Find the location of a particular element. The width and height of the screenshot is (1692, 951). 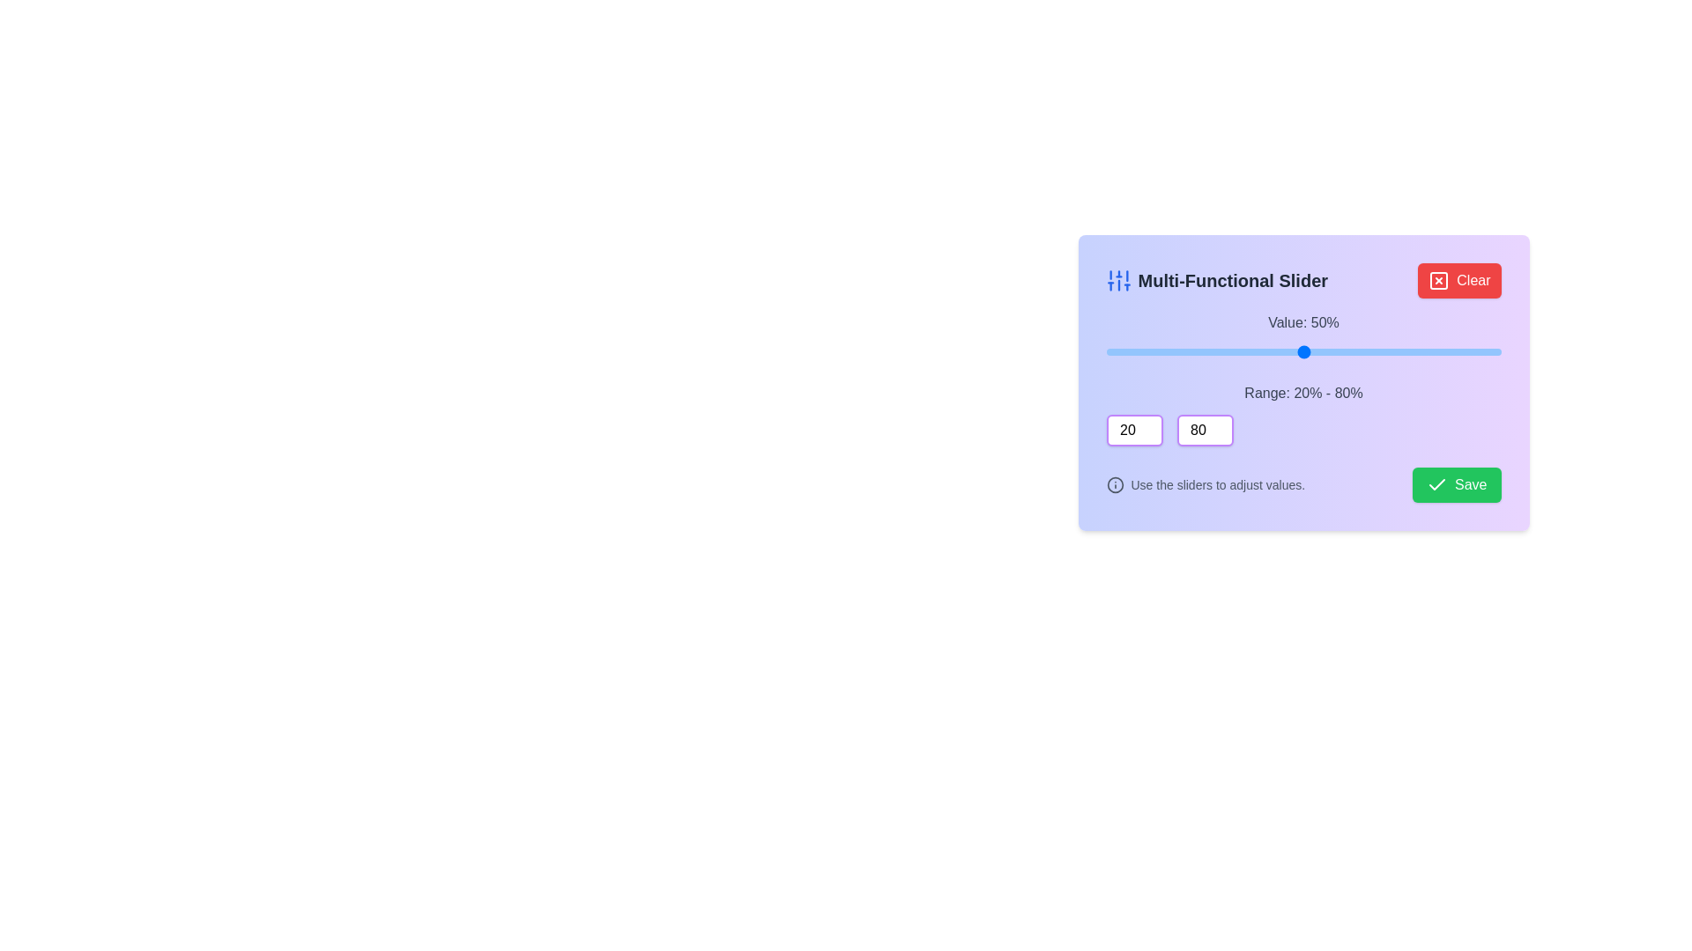

the slider value is located at coordinates (1277, 352).